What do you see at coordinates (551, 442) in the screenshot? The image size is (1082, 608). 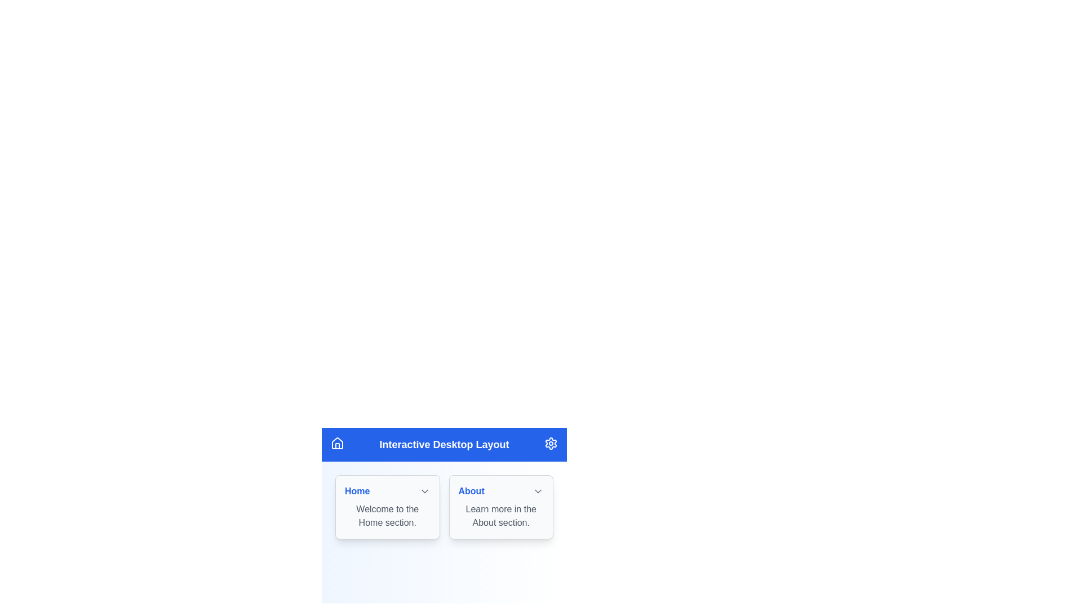 I see `the gear-shaped settings icon located at the top-right corner of the blue bar, next to the text 'Interactive Desktop Layout'` at bounding box center [551, 442].